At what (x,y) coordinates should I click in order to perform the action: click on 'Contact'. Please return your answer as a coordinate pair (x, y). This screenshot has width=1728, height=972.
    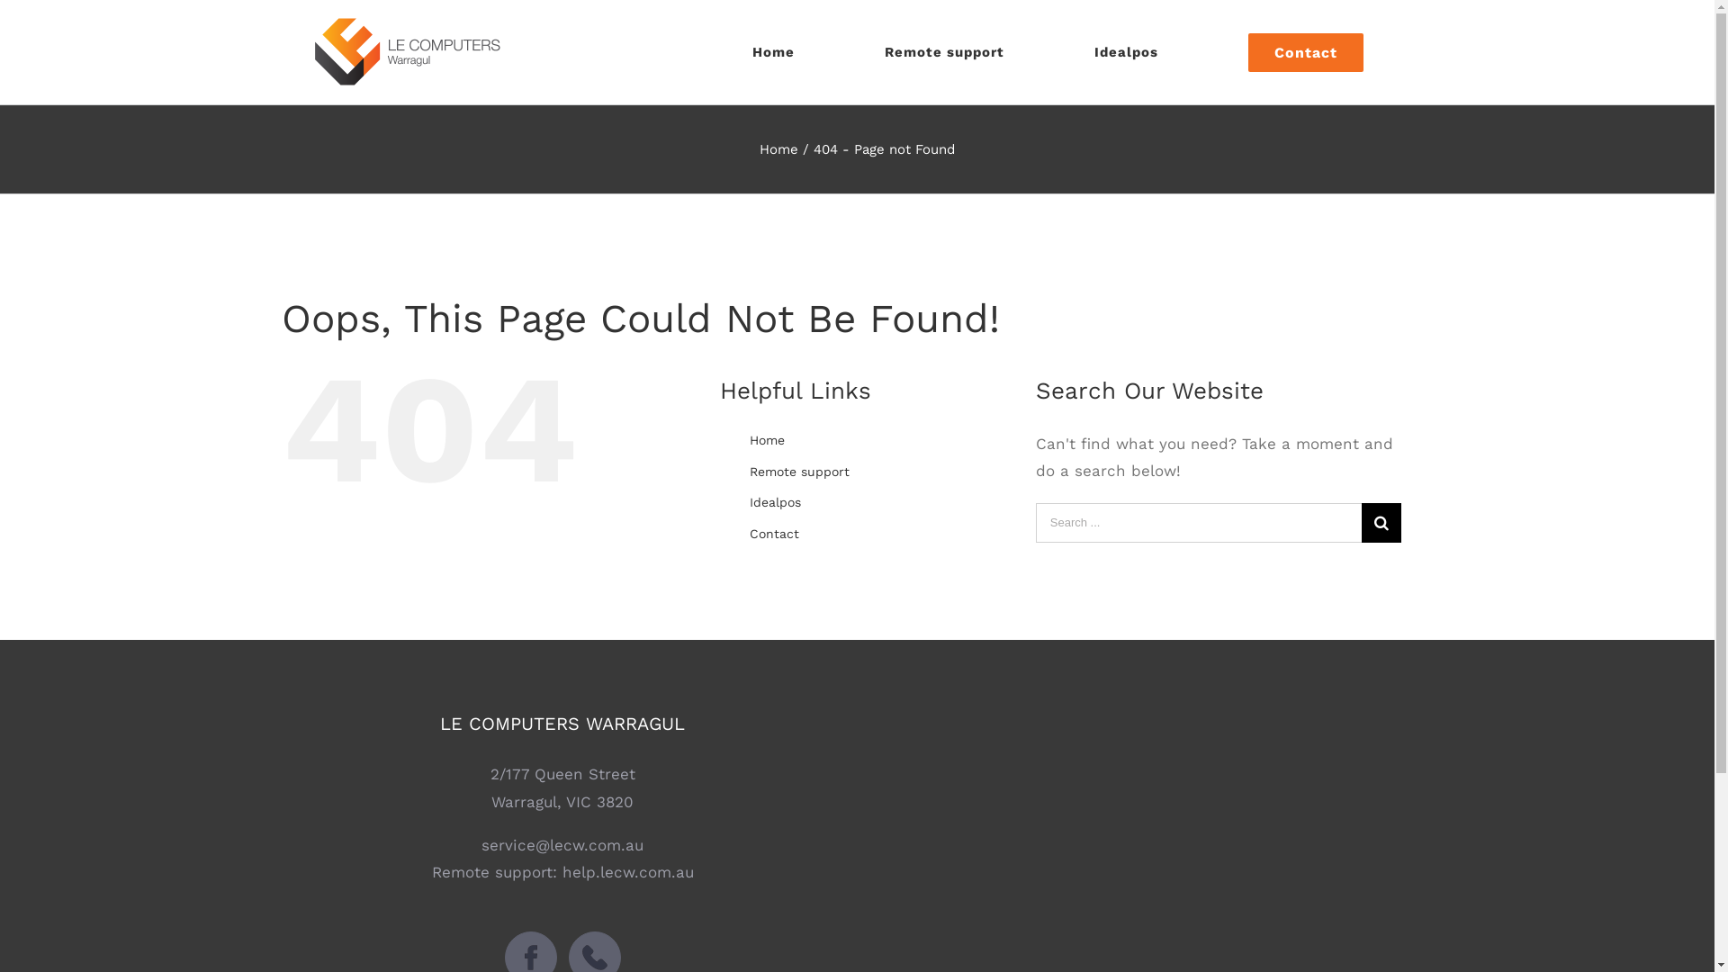
    Looking at the image, I should click on (750, 533).